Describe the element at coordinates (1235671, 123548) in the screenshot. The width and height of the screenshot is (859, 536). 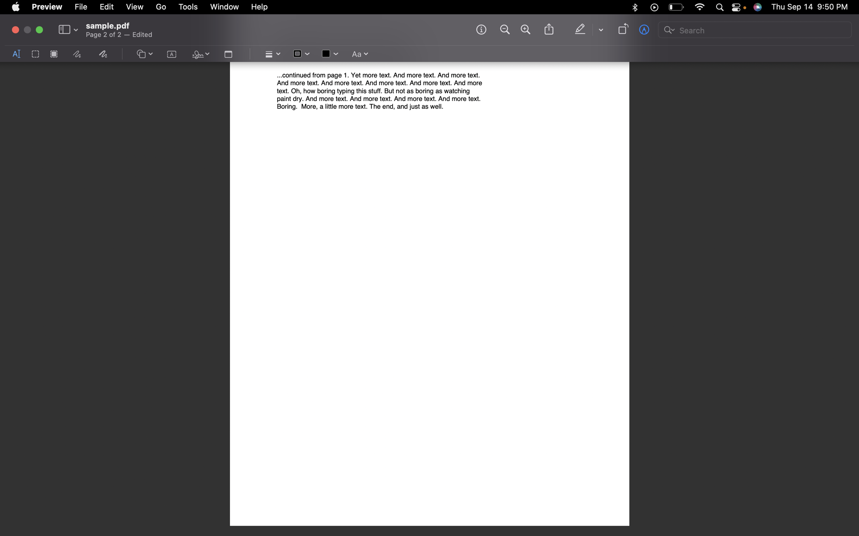
I see `To select all data, move and drag the cursor from top-left to bottom-right` at that location.